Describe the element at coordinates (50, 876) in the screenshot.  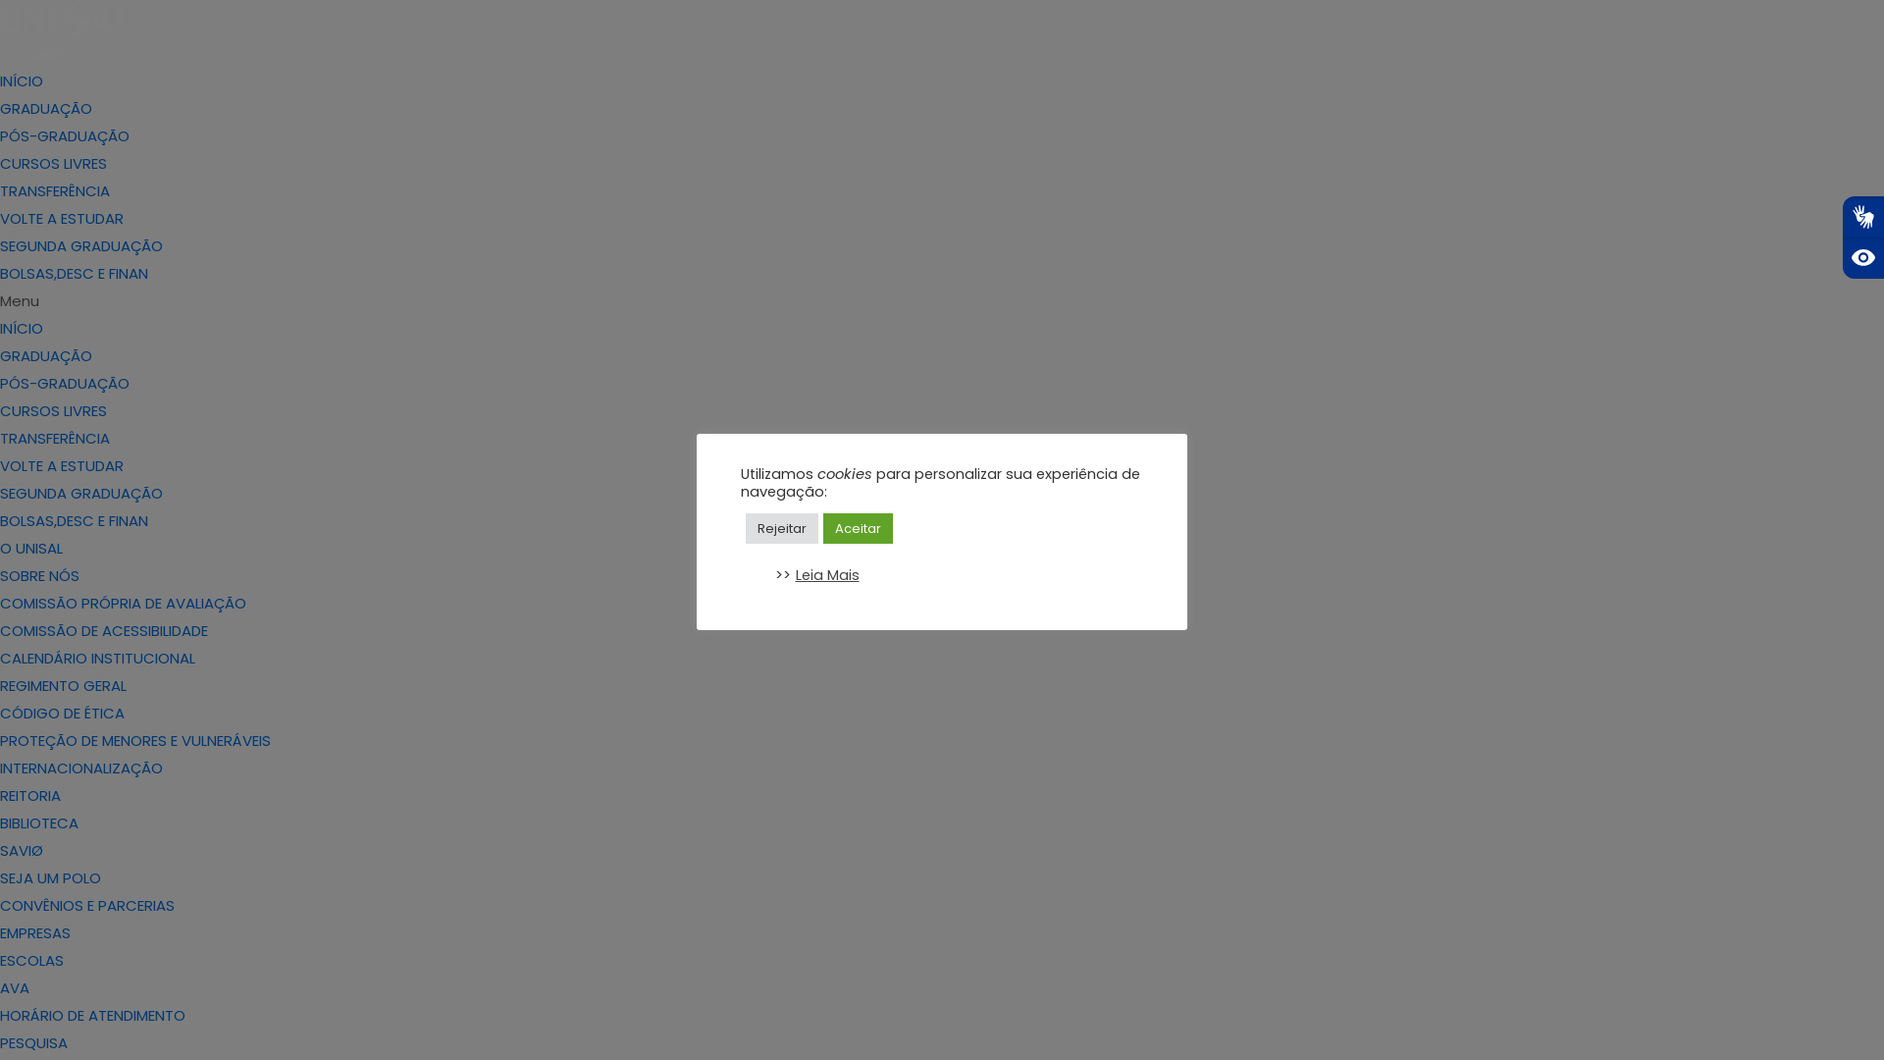
I see `'SEJA UM POLO'` at that location.